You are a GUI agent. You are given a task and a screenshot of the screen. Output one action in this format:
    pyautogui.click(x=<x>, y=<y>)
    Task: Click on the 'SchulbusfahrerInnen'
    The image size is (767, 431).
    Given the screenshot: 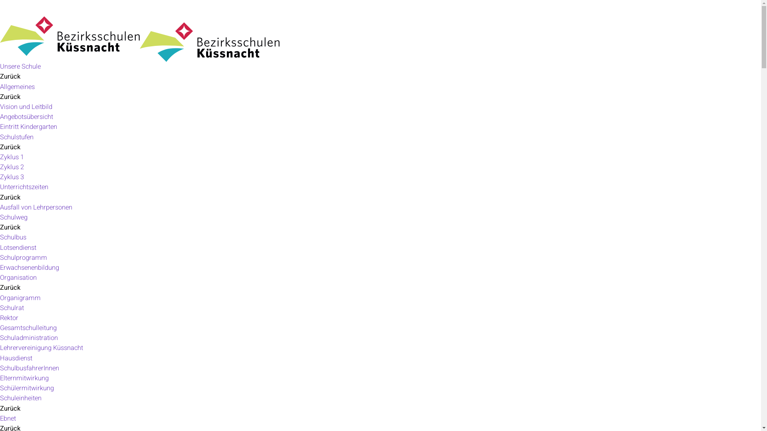 What is the action you would take?
    pyautogui.click(x=29, y=368)
    